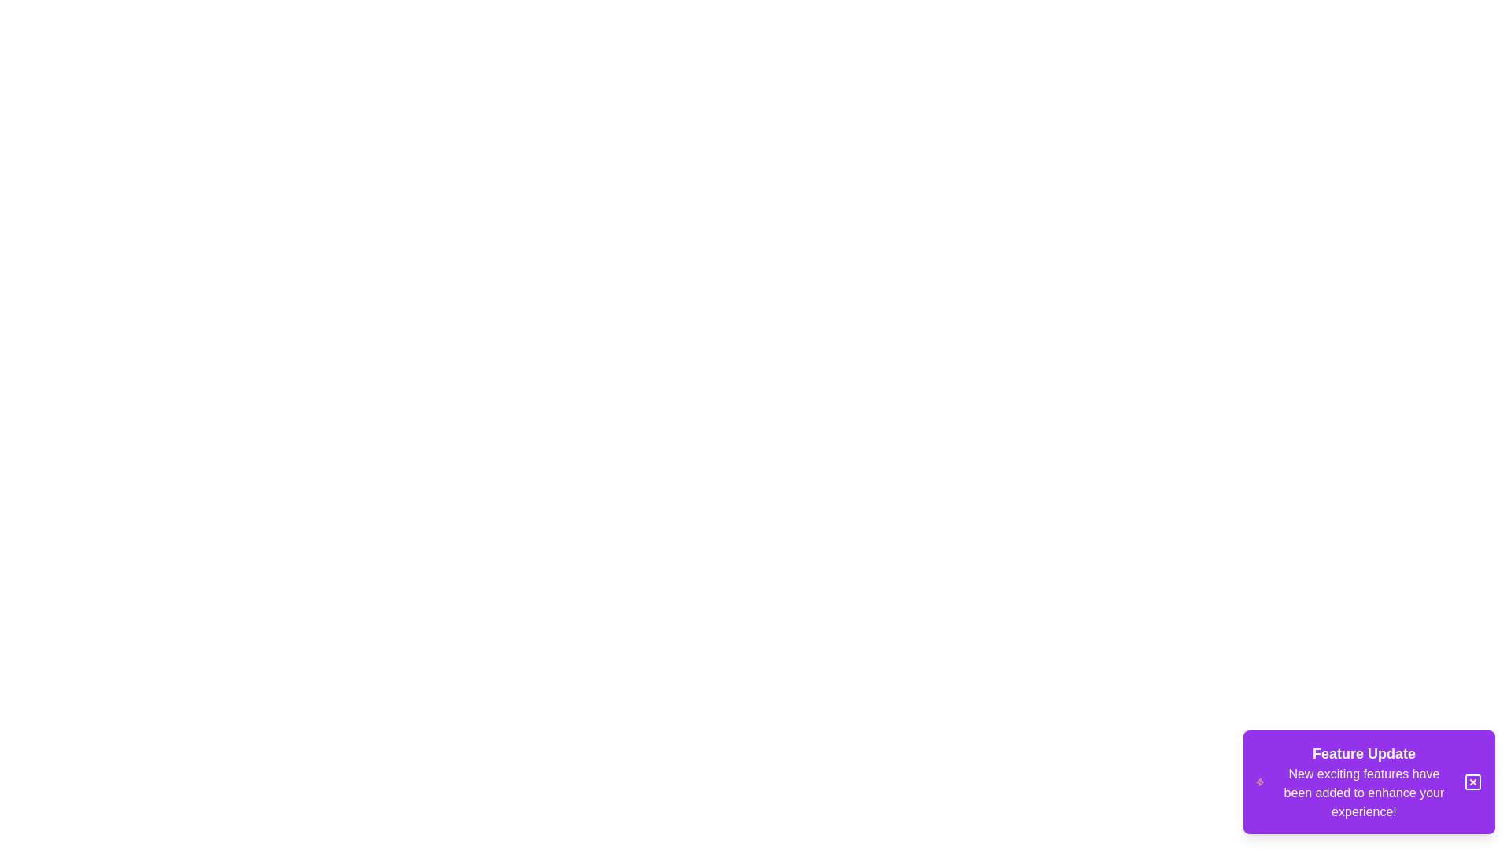 The height and width of the screenshot is (850, 1511). I want to click on close button on the snackbar to close it, so click(1472, 782).